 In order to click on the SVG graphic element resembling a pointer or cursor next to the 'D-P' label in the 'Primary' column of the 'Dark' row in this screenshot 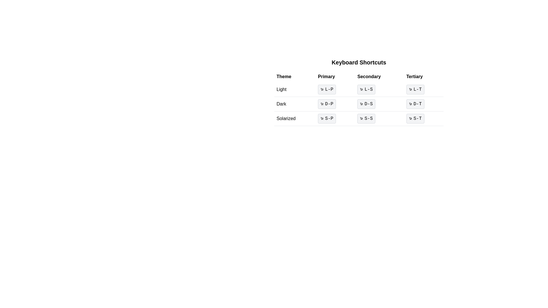, I will do `click(322, 104)`.